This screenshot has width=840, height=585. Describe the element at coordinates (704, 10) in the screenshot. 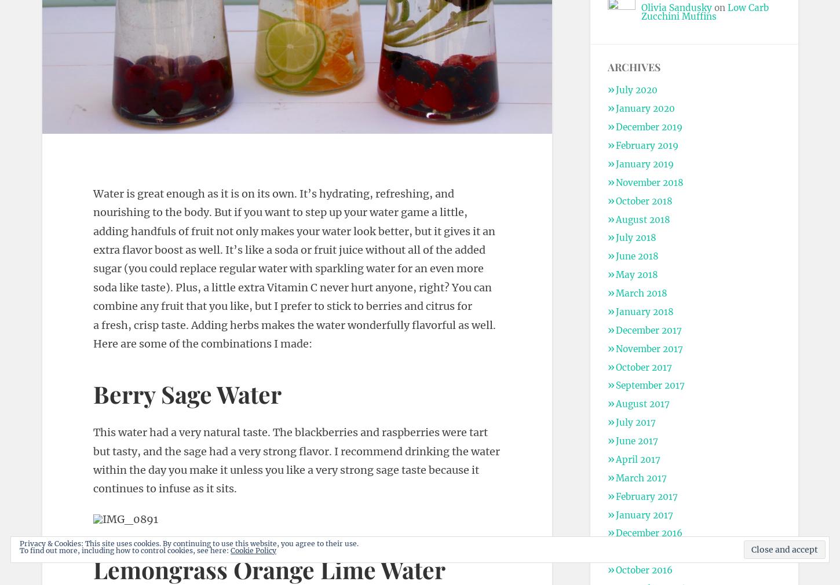

I see `'Low Carb Zucchini Muffins'` at that location.